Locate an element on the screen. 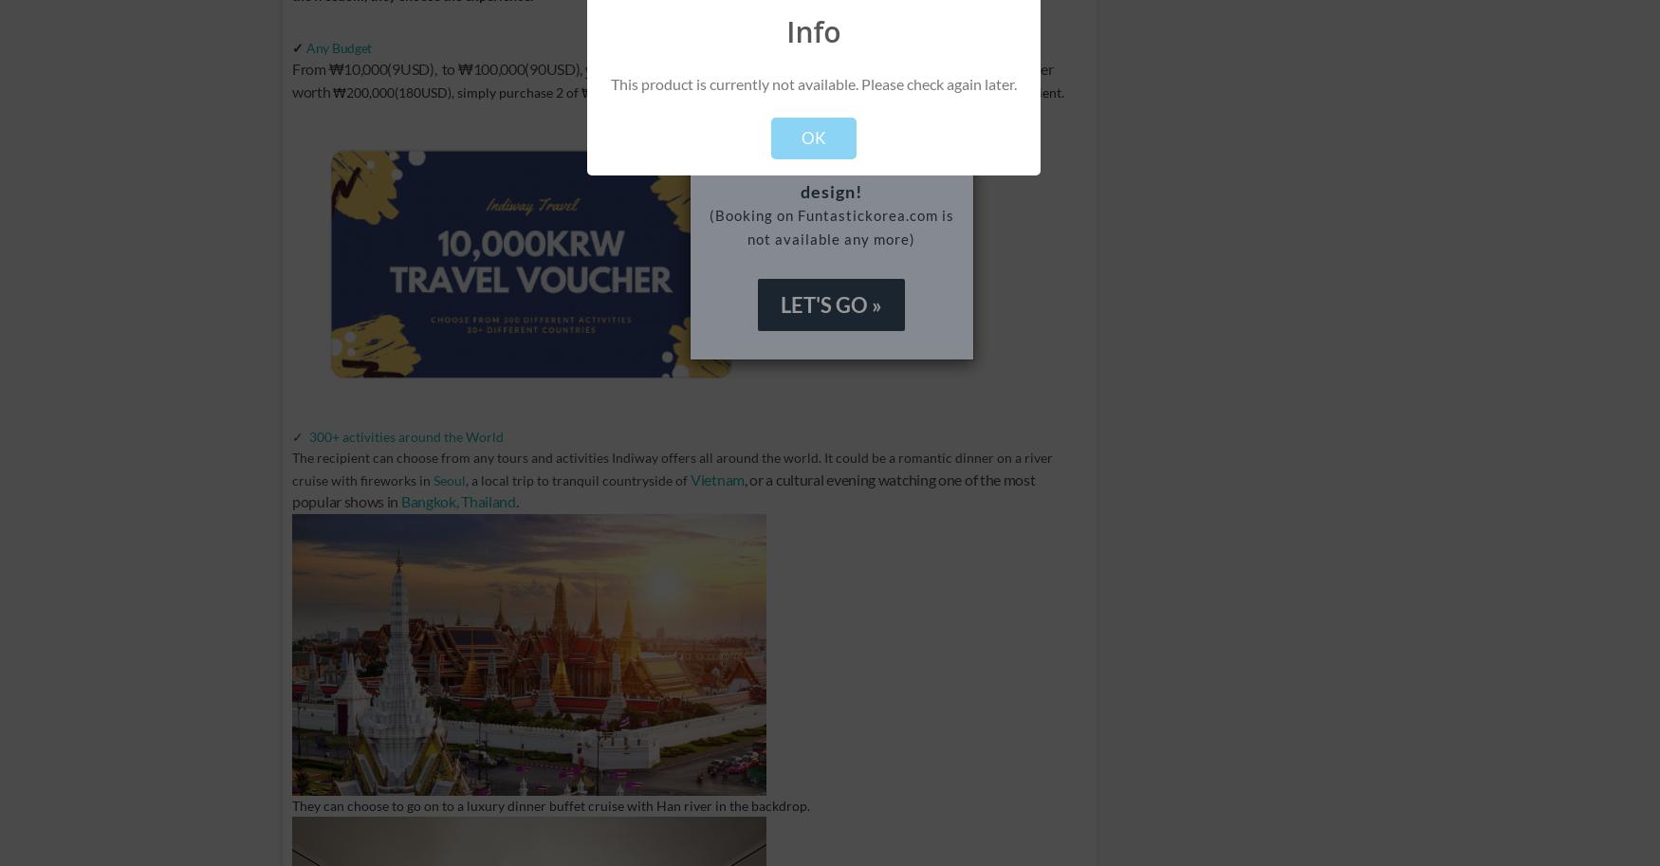  'Vietnam' is located at coordinates (716, 478).